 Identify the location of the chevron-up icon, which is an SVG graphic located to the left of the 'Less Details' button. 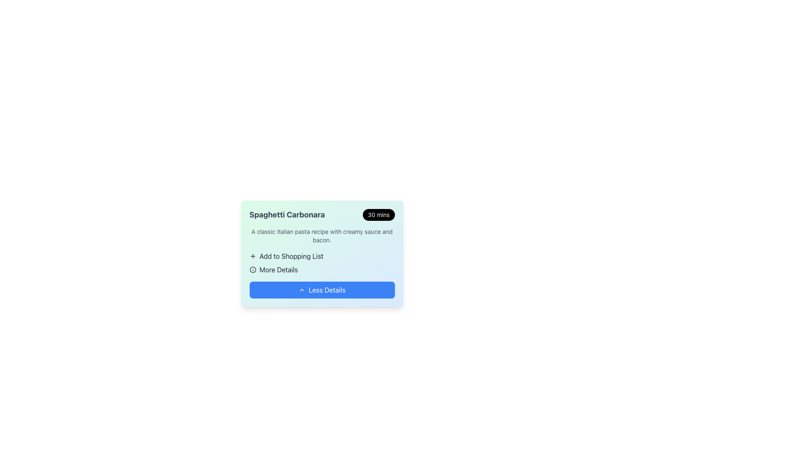
(302, 289).